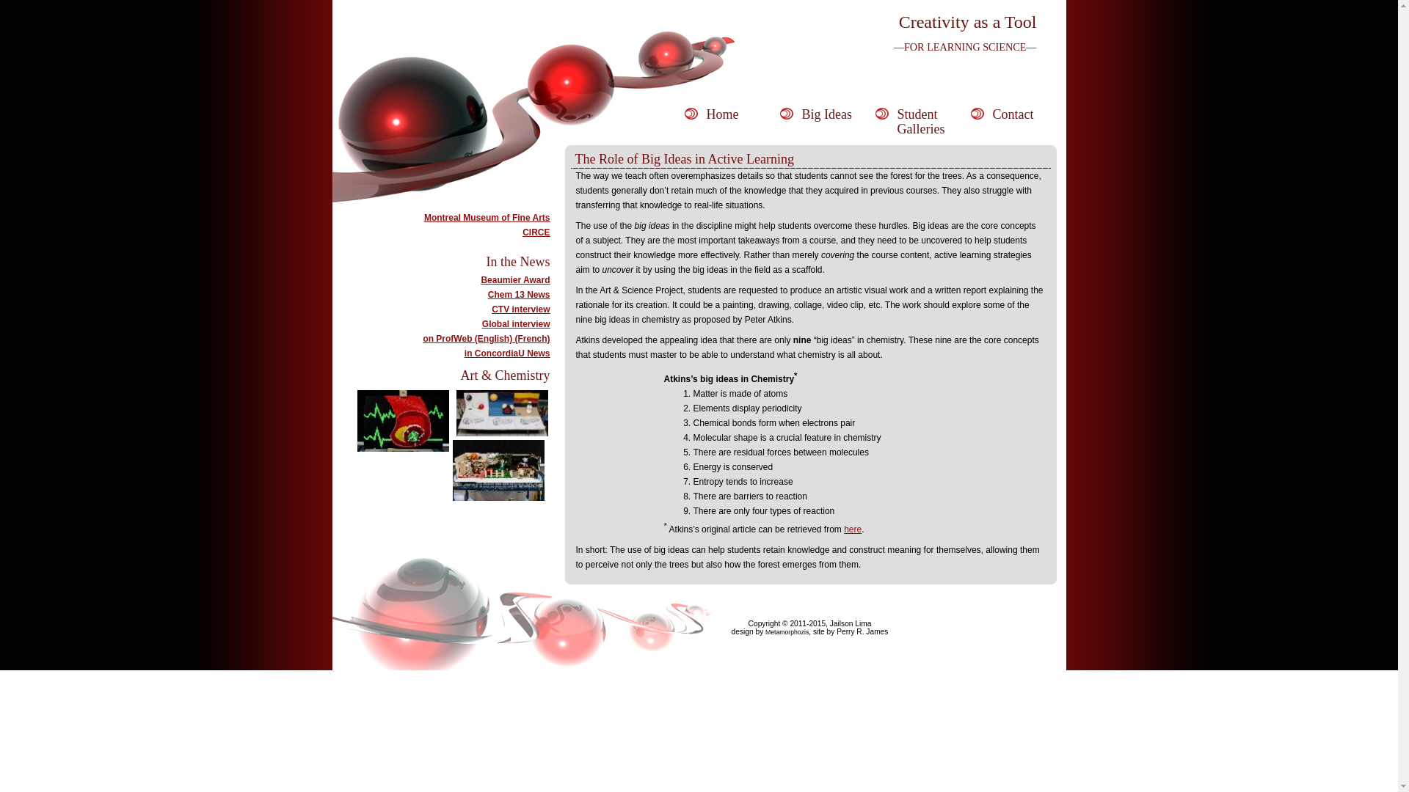 Image resolution: width=1409 pixels, height=792 pixels. Describe the element at coordinates (422, 339) in the screenshot. I see `'on ProfWeb (English)'` at that location.